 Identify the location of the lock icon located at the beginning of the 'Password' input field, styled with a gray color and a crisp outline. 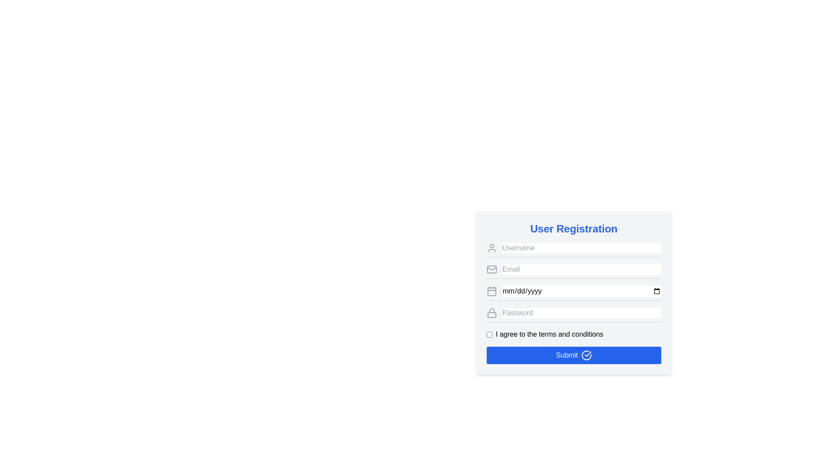
(492, 312).